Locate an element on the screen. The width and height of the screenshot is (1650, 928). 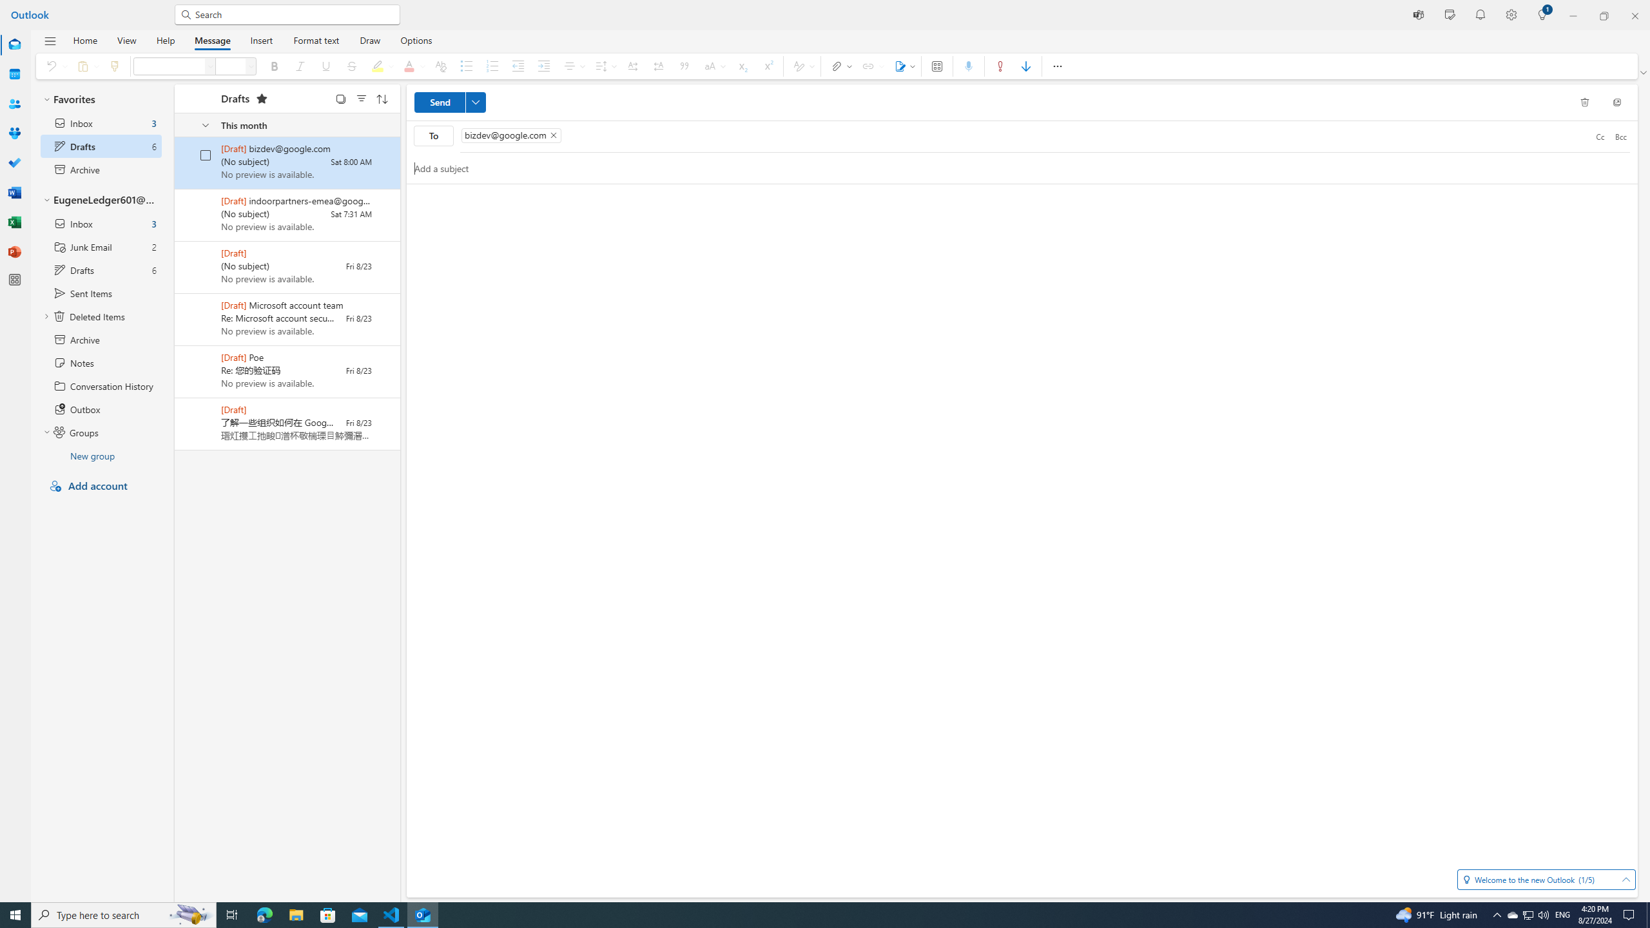
'Drafts selected 6 items' is located at coordinates (101, 145).